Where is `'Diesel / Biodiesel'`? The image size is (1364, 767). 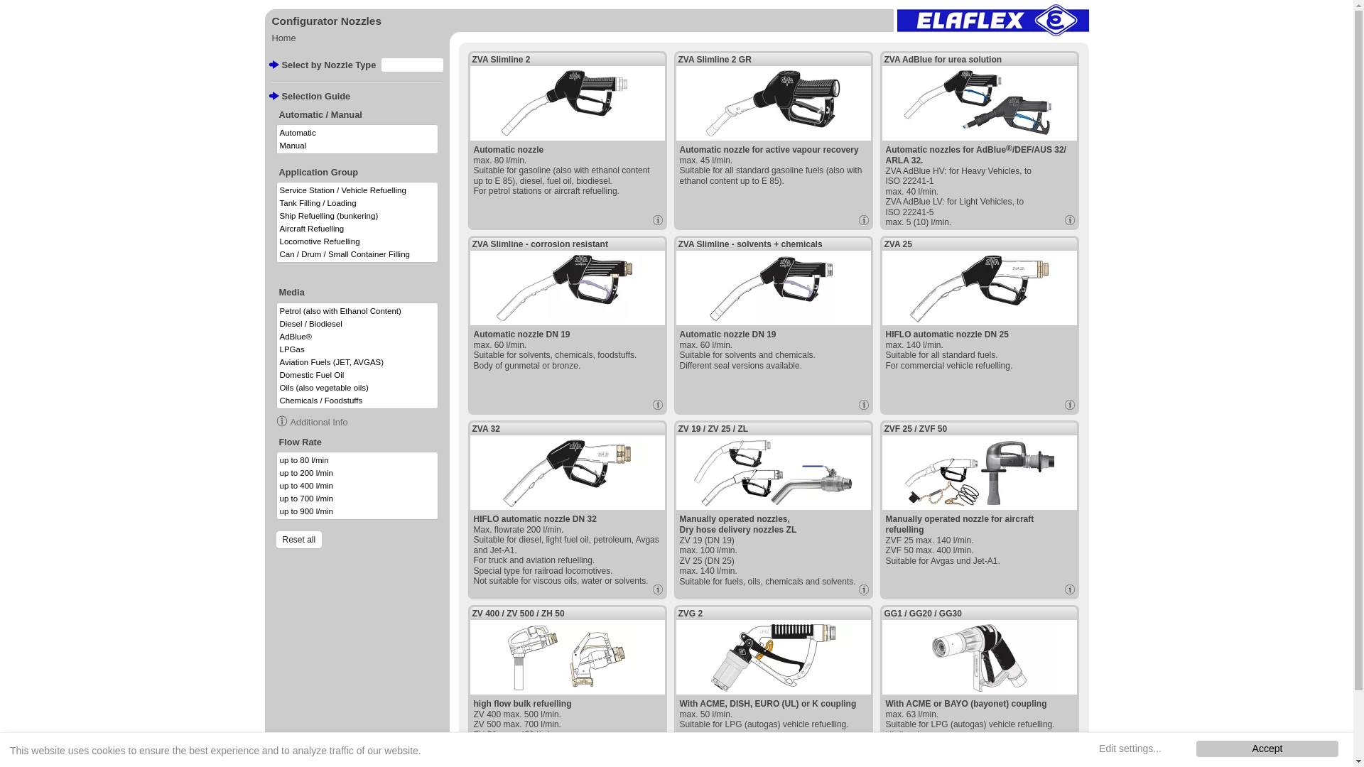
'Diesel / Biodiesel' is located at coordinates (357, 323).